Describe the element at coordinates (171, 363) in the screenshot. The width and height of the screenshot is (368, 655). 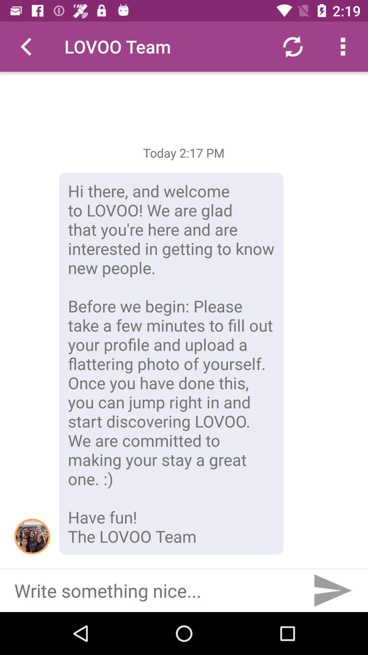
I see `the hi there and item` at that location.